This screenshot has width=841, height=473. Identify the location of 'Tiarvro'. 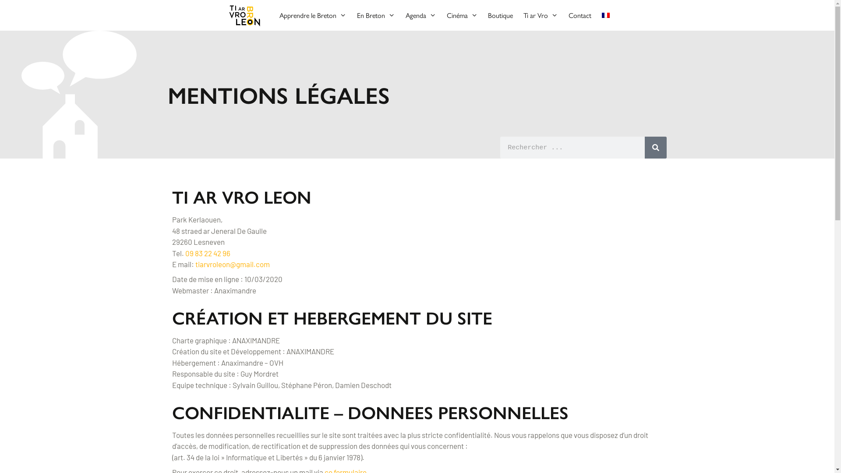
(246, 15).